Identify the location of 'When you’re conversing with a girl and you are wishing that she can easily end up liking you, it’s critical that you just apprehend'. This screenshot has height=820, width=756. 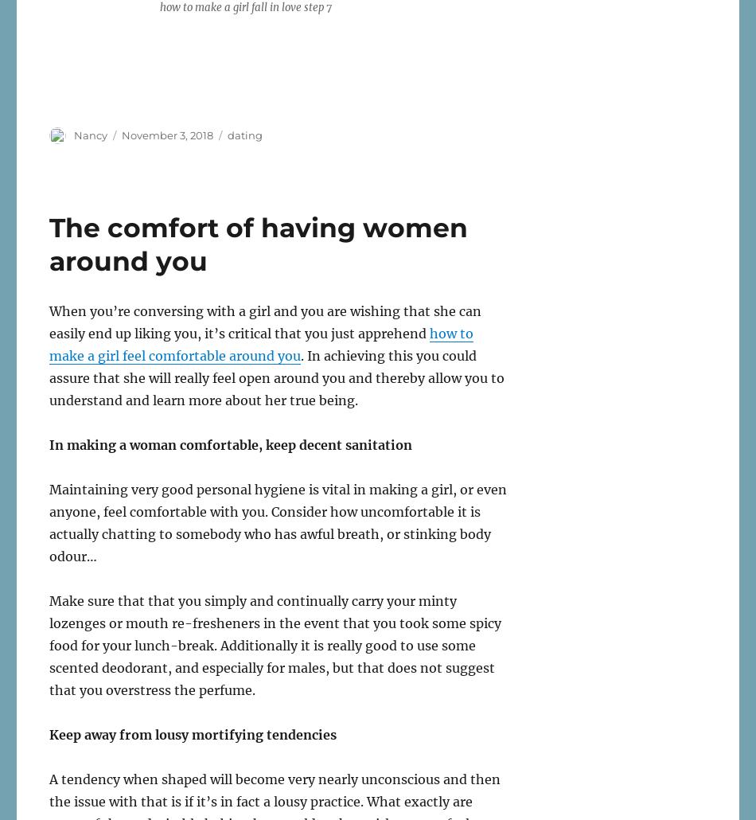
(264, 321).